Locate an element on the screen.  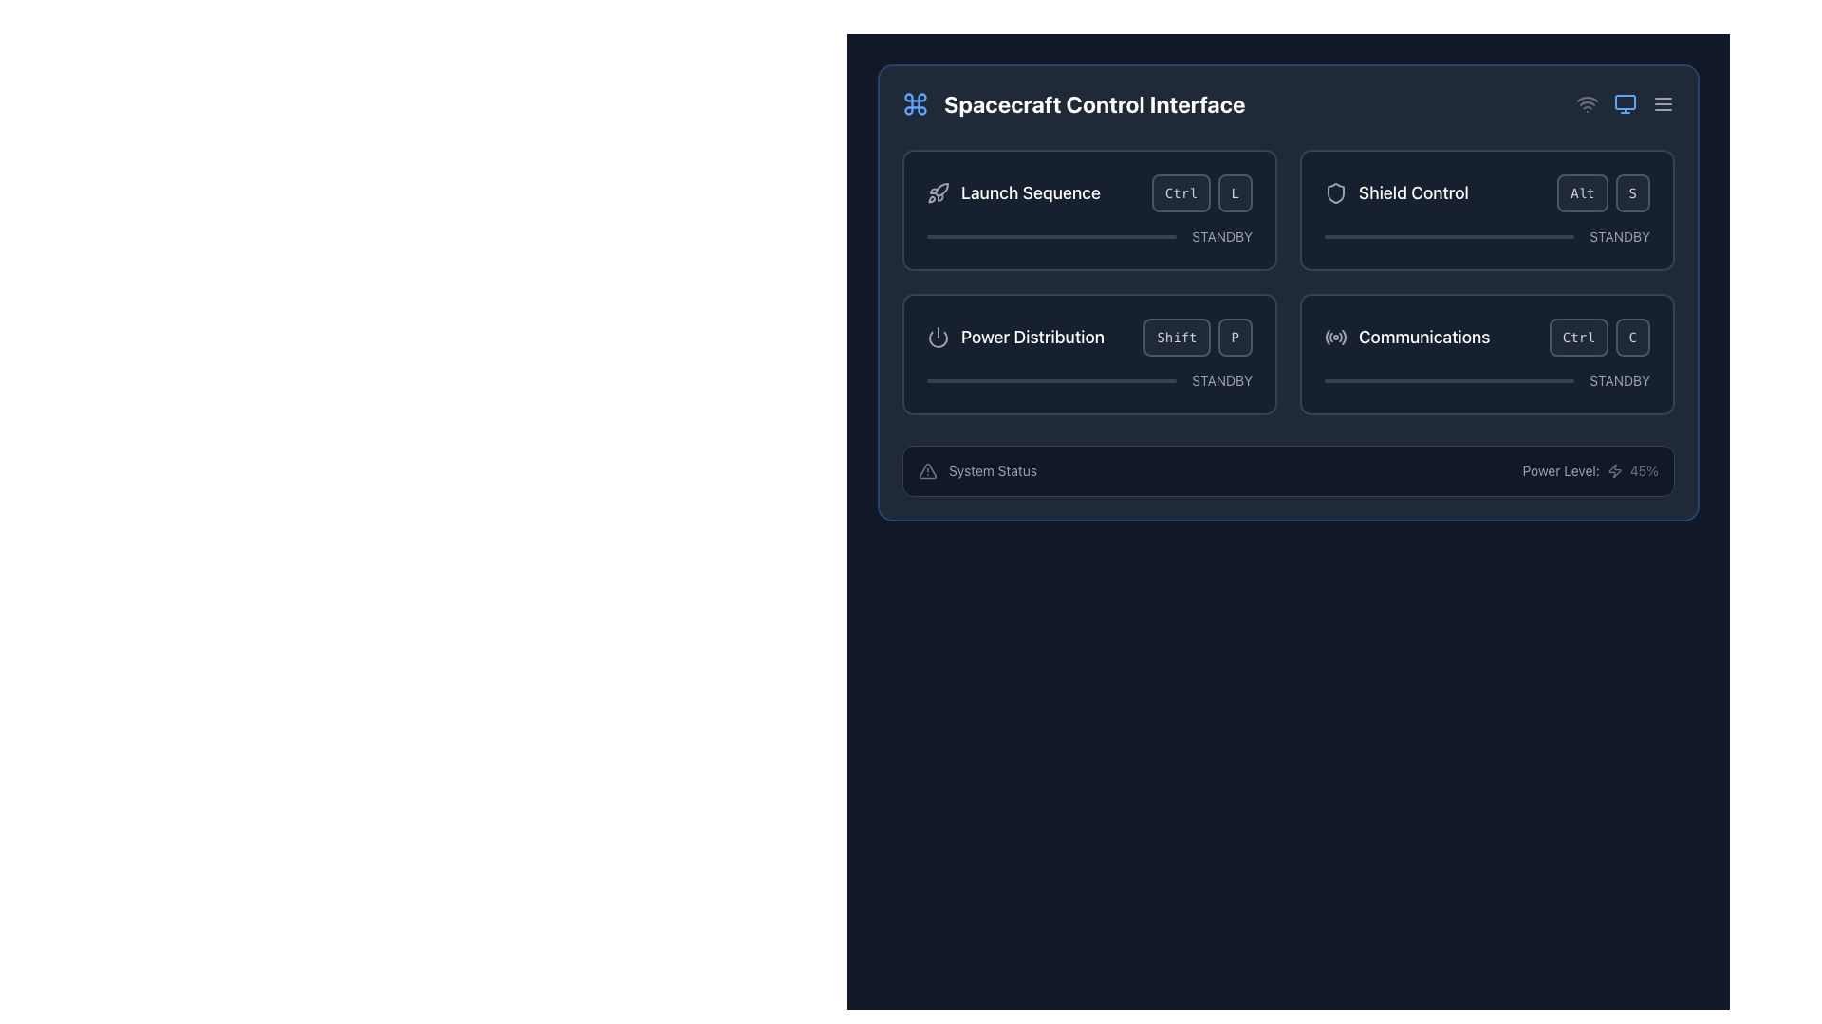
the shield control is located at coordinates (1426, 236).